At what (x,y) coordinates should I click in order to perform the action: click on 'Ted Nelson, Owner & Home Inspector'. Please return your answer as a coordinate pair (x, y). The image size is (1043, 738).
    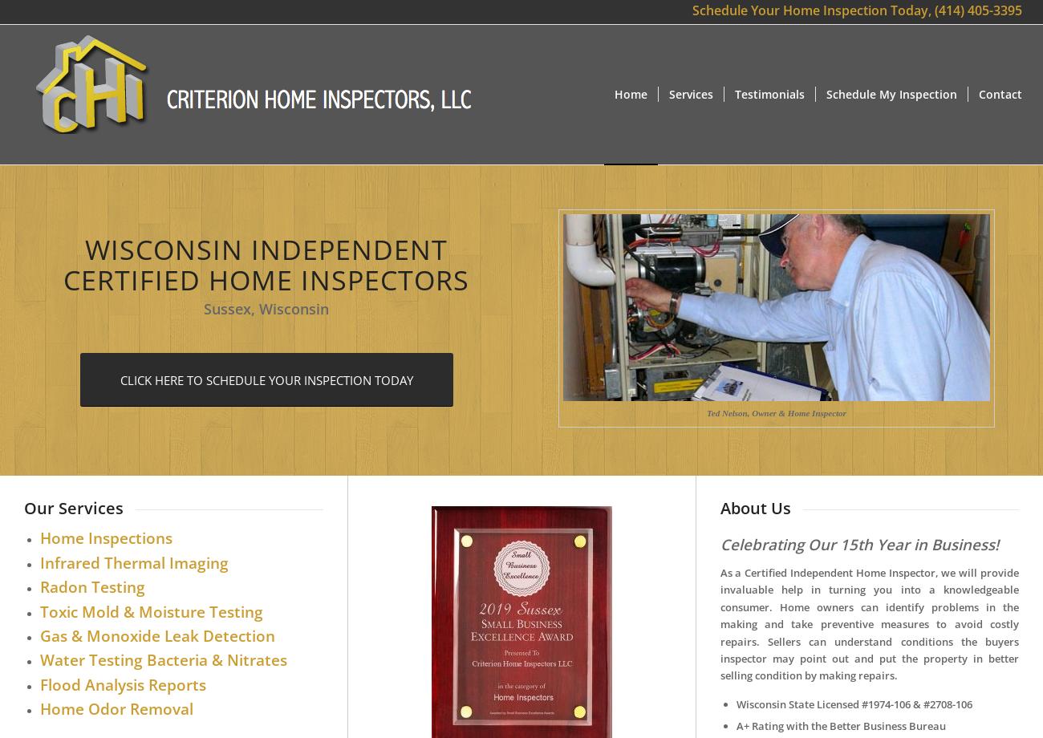
    Looking at the image, I should click on (776, 413).